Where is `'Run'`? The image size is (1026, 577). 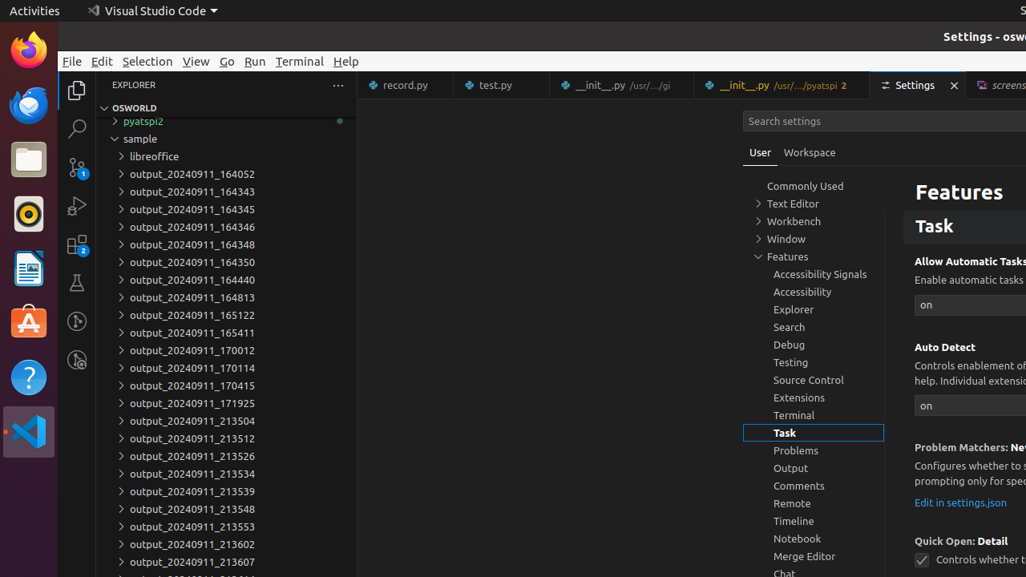
'Run' is located at coordinates (254, 60).